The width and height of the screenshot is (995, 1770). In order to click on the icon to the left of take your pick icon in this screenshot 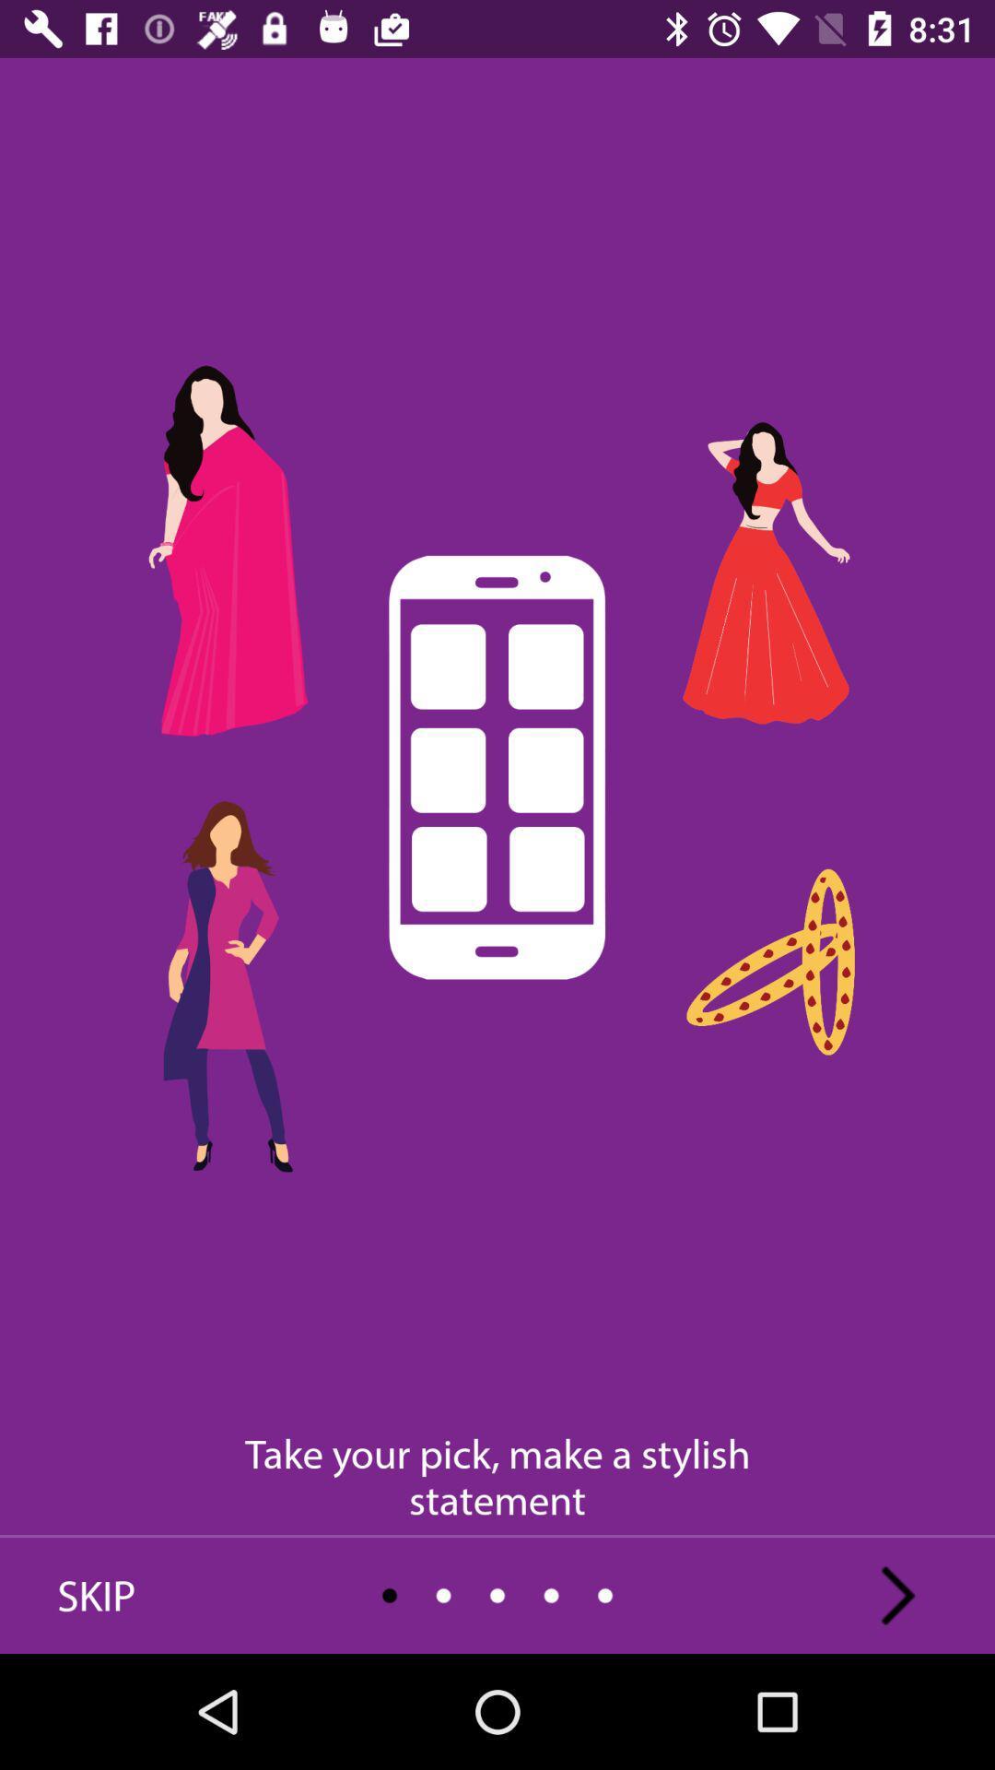, I will do `click(96, 1595)`.